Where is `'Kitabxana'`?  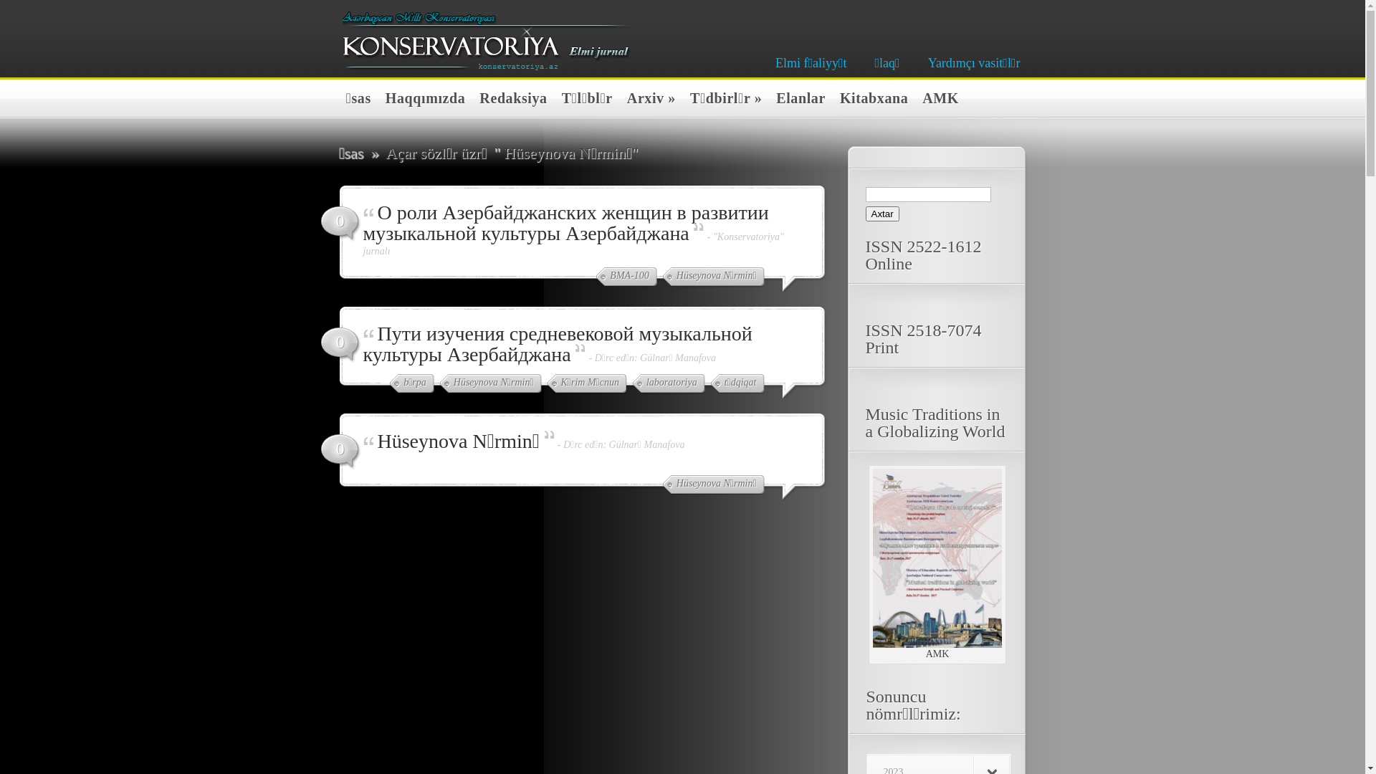
'Kitabxana' is located at coordinates (869, 99).